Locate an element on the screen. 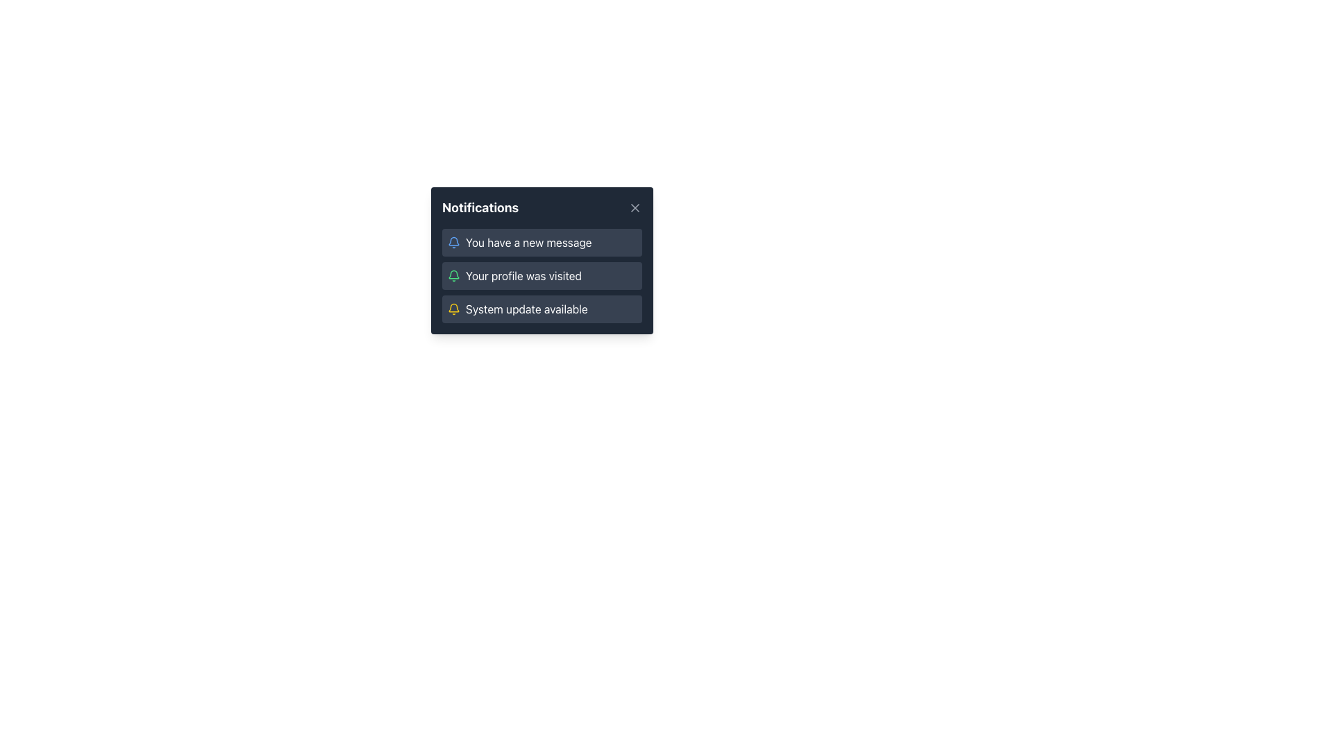 This screenshot has height=749, width=1333. the bell icon for notifications is located at coordinates (453, 275).